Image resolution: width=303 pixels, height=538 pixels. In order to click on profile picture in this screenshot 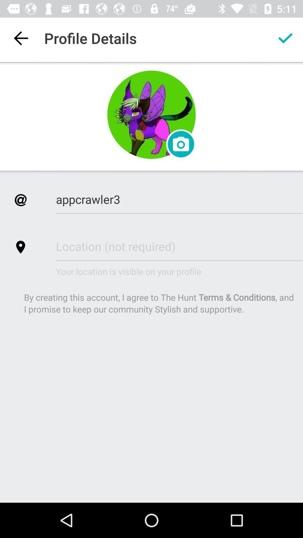, I will do `click(181, 144)`.